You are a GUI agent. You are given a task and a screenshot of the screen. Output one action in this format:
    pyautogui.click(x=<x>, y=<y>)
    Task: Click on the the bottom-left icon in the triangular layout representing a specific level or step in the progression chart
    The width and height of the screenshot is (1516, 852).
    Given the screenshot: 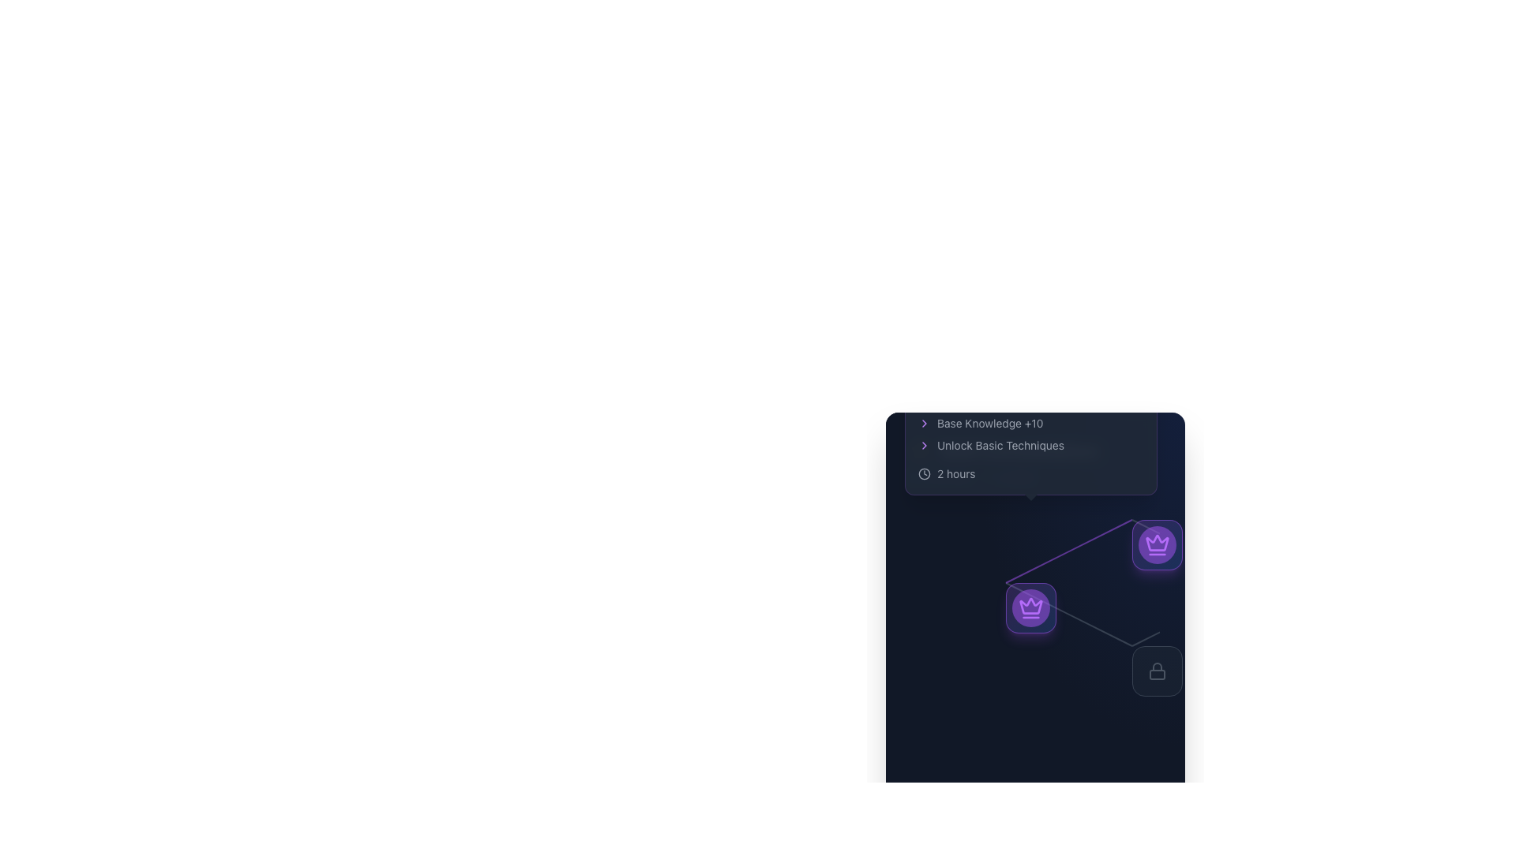 What is the action you would take?
    pyautogui.click(x=1030, y=607)
    